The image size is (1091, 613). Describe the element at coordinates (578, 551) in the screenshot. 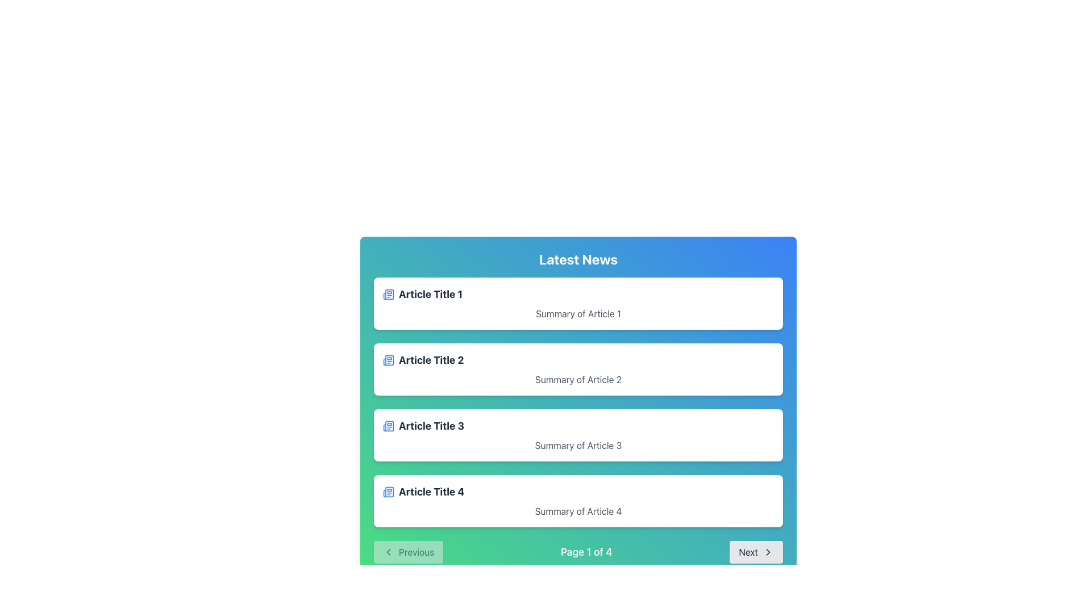

I see `current page information from the Pagination Component located at the bottom of the 'Latest News' section, which spans horizontally between the 'Previous' and 'Next' buttons` at that location.